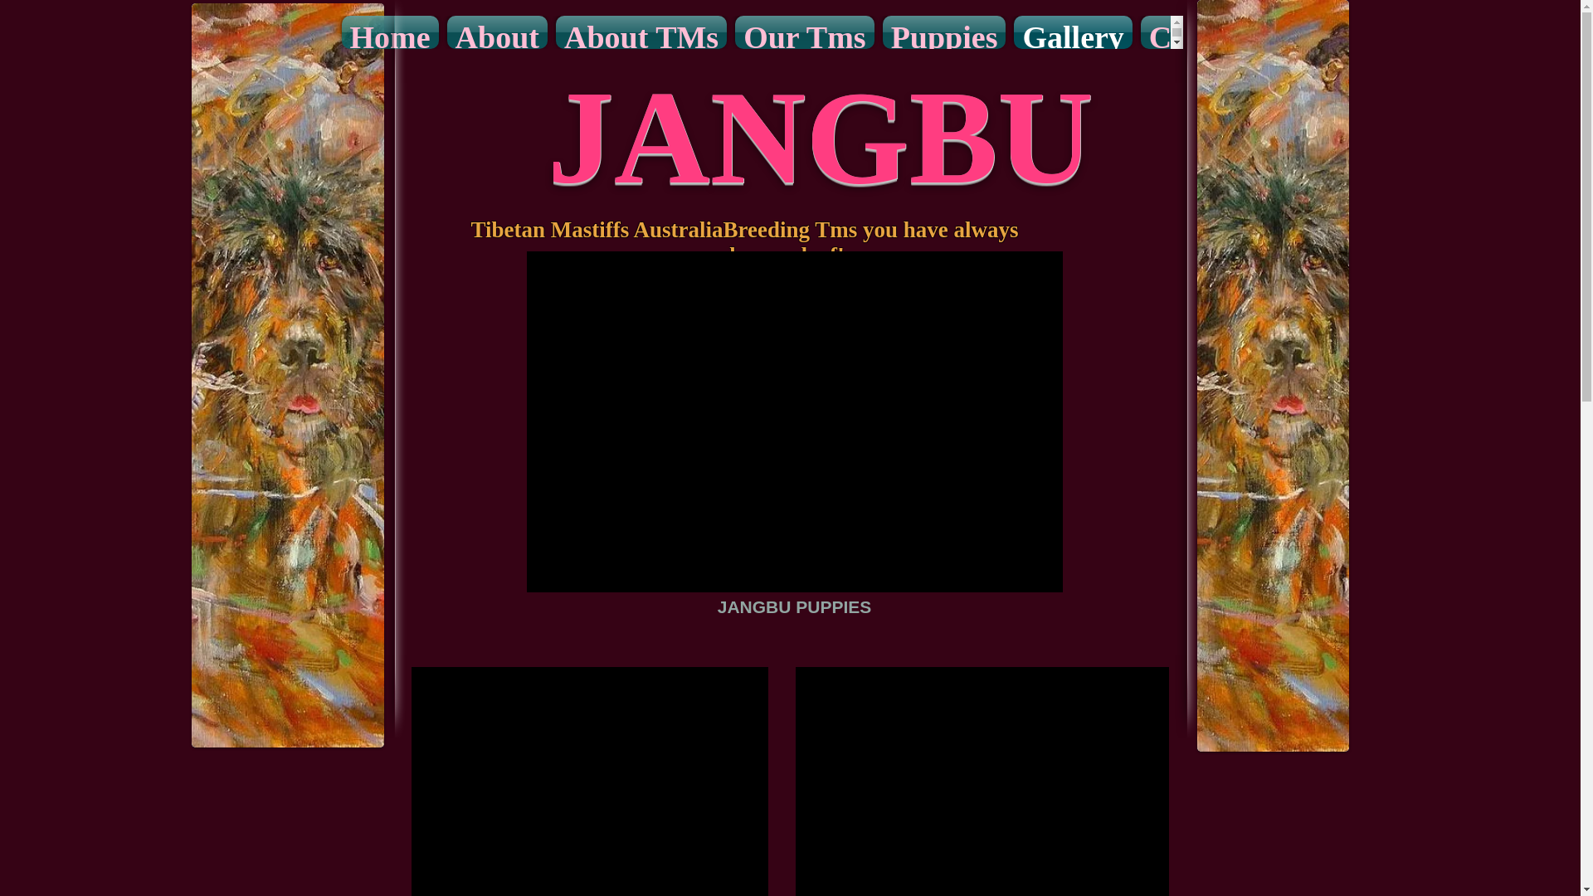 Image resolution: width=1593 pixels, height=896 pixels. Describe the element at coordinates (944, 32) in the screenshot. I see `'Puppies'` at that location.